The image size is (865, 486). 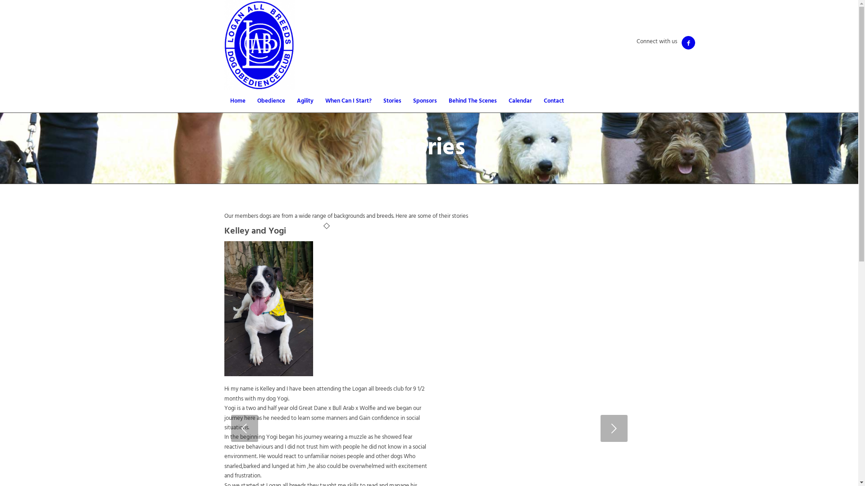 I want to click on 'Previous', so click(x=231, y=428).